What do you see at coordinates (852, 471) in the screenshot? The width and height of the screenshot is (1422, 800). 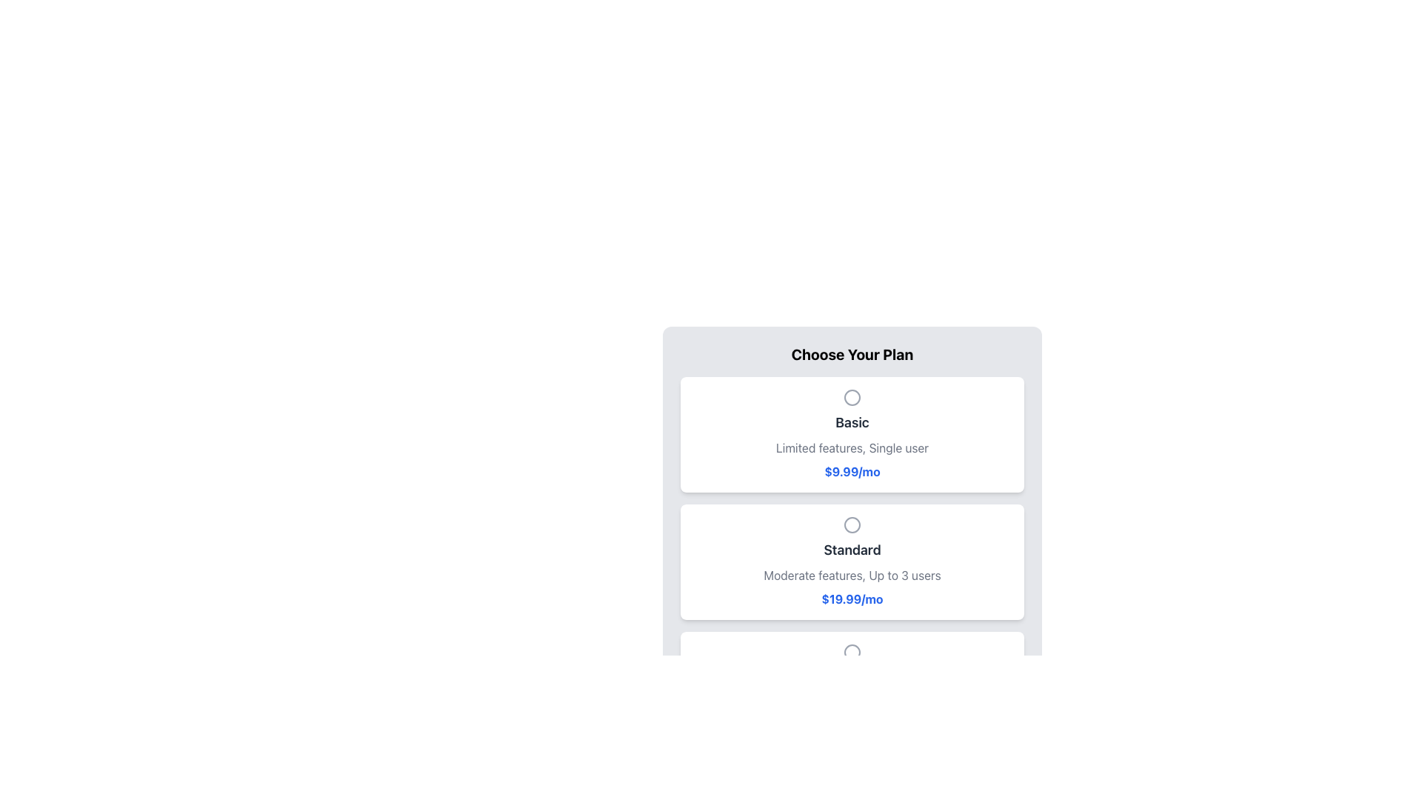 I see `static text '$9.99/mo' in blue color, which is positioned at the bottom of the 'Basic' plan section, centered above the 'Standard' plan card` at bounding box center [852, 471].